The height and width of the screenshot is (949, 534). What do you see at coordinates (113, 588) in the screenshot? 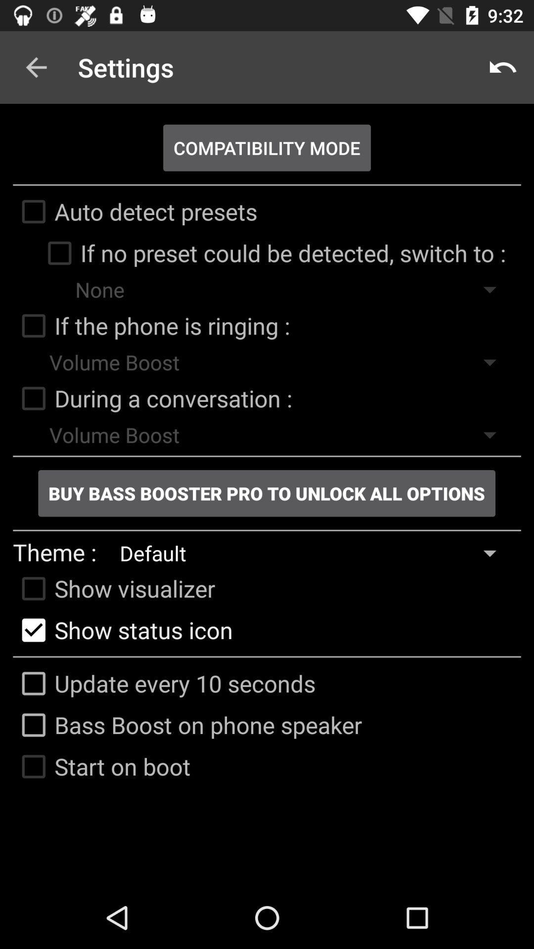
I see `the show visualizer item` at bounding box center [113, 588].